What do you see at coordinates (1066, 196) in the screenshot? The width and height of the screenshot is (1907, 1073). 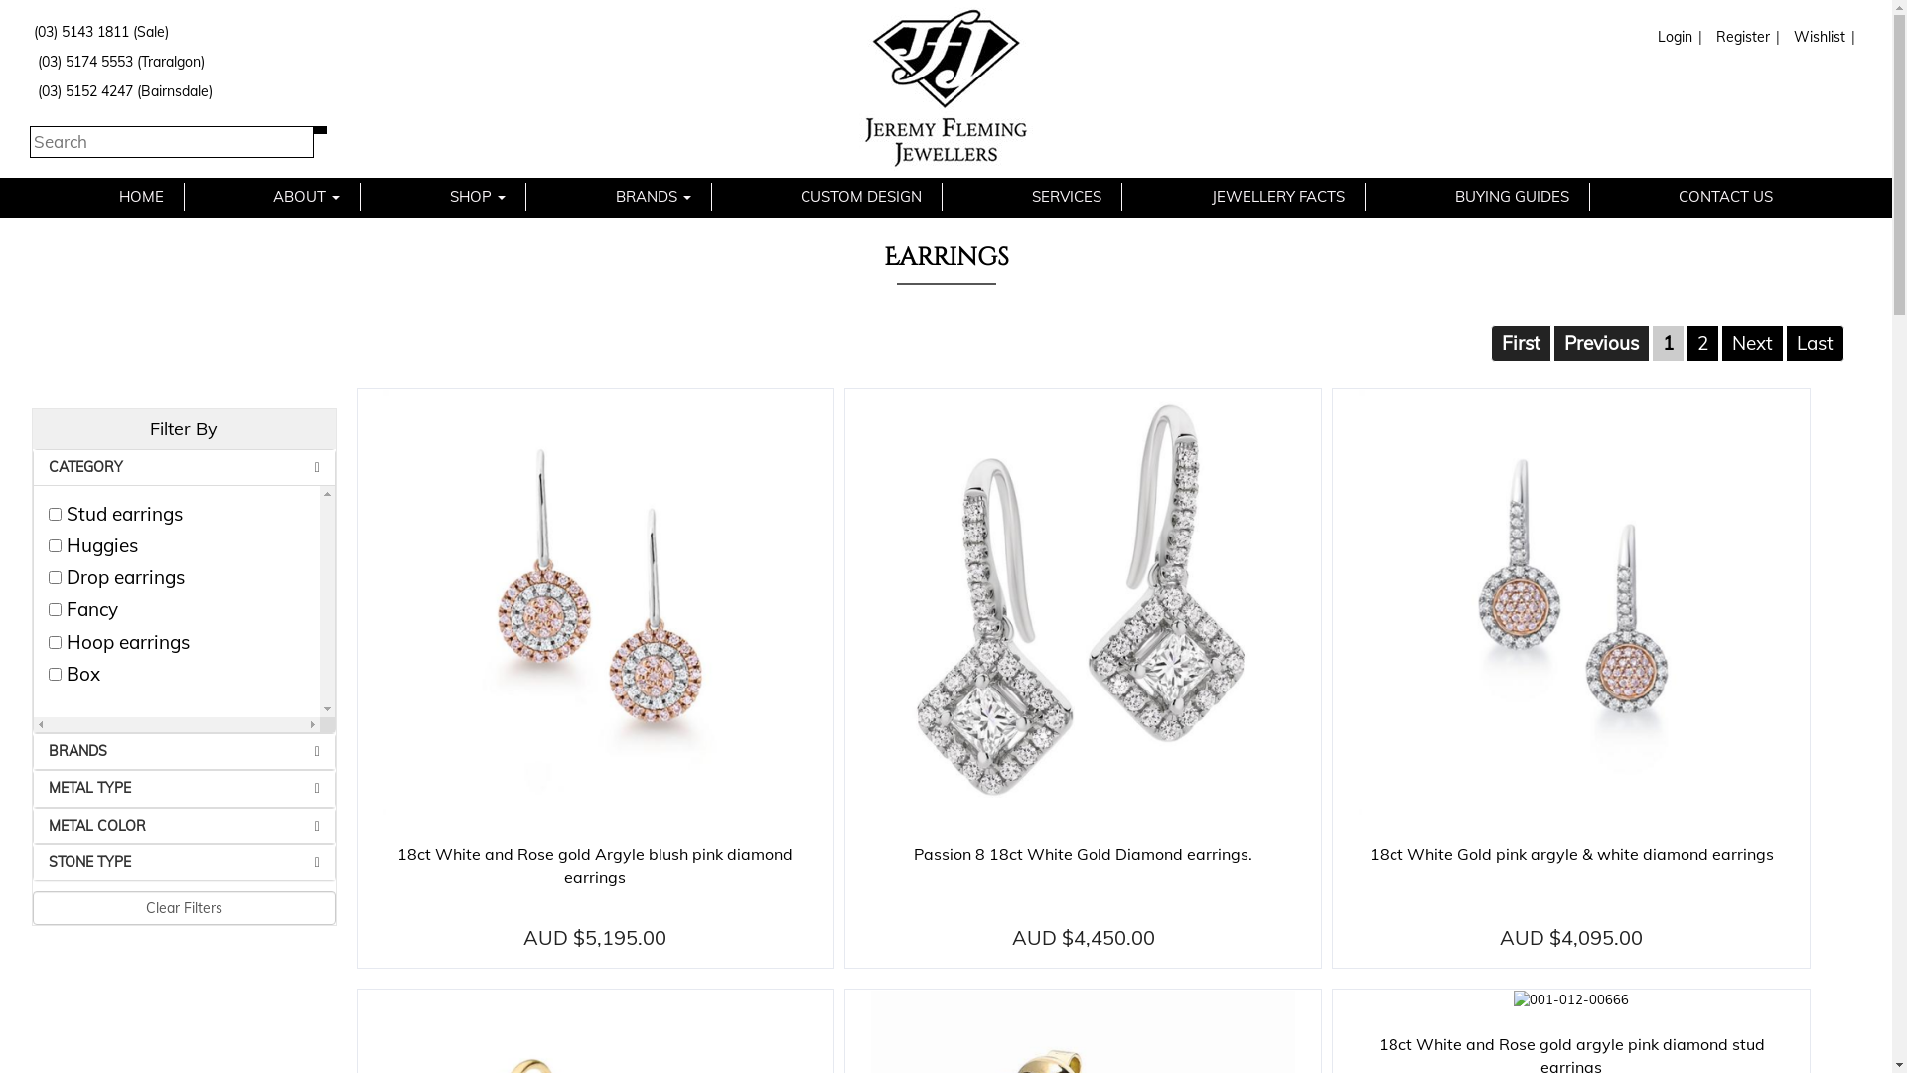 I see `'SERVICES'` at bounding box center [1066, 196].